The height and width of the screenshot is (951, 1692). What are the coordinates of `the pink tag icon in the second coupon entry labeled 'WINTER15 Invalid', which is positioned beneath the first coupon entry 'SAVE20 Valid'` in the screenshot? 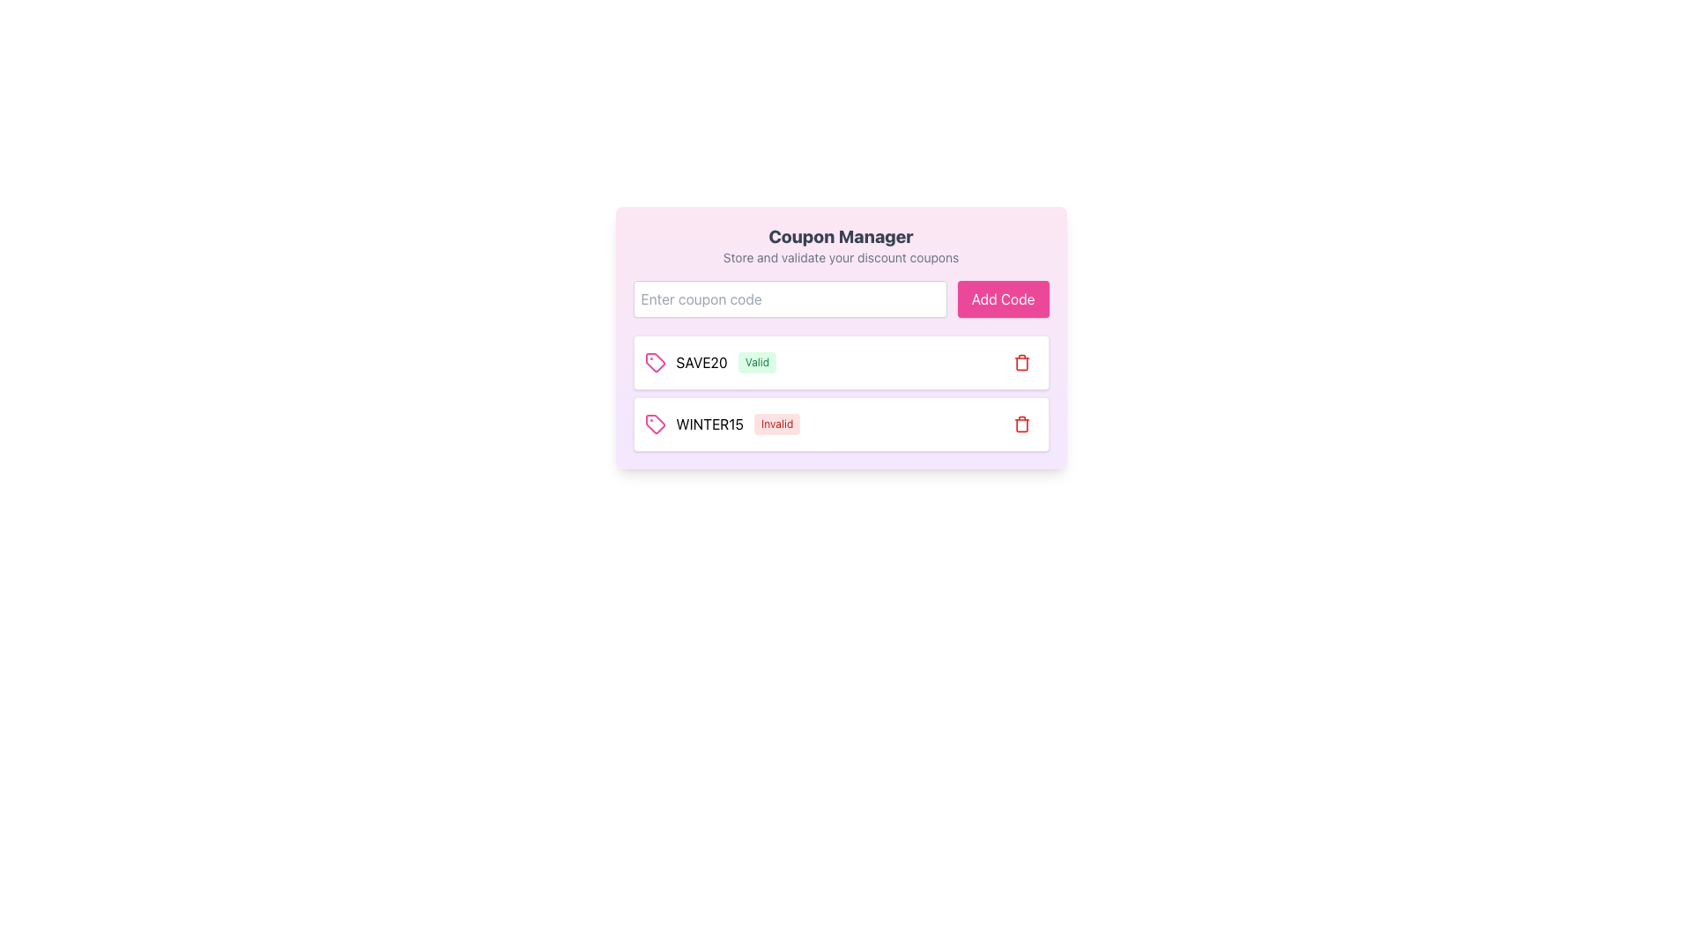 It's located at (654, 362).